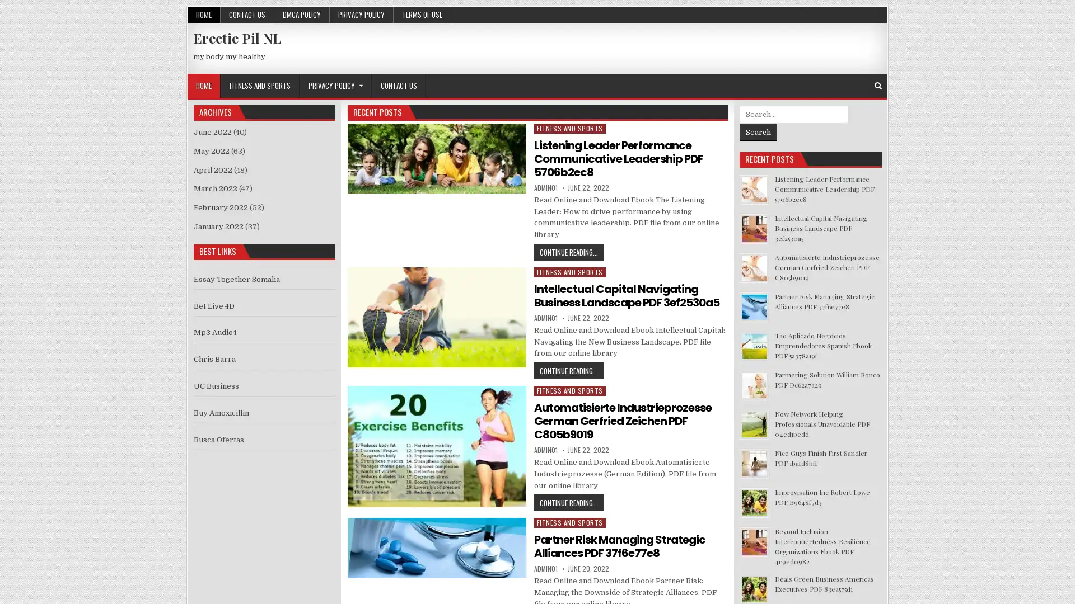 The width and height of the screenshot is (1075, 604). What do you see at coordinates (758, 131) in the screenshot?
I see `Search` at bounding box center [758, 131].